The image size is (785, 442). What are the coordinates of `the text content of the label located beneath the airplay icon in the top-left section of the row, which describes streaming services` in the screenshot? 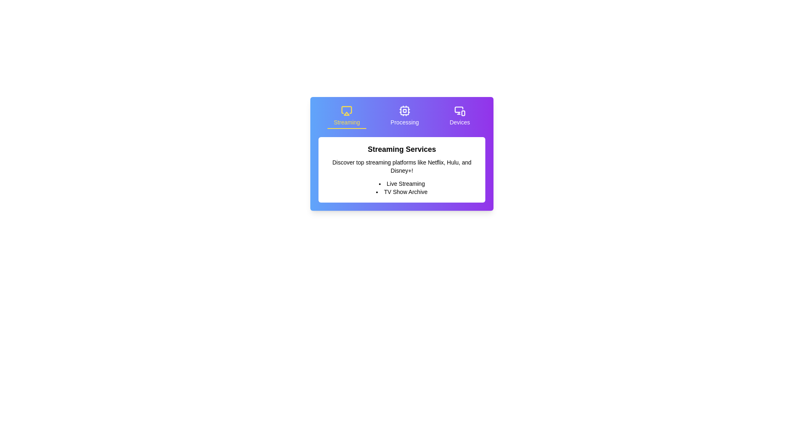 It's located at (347, 122).